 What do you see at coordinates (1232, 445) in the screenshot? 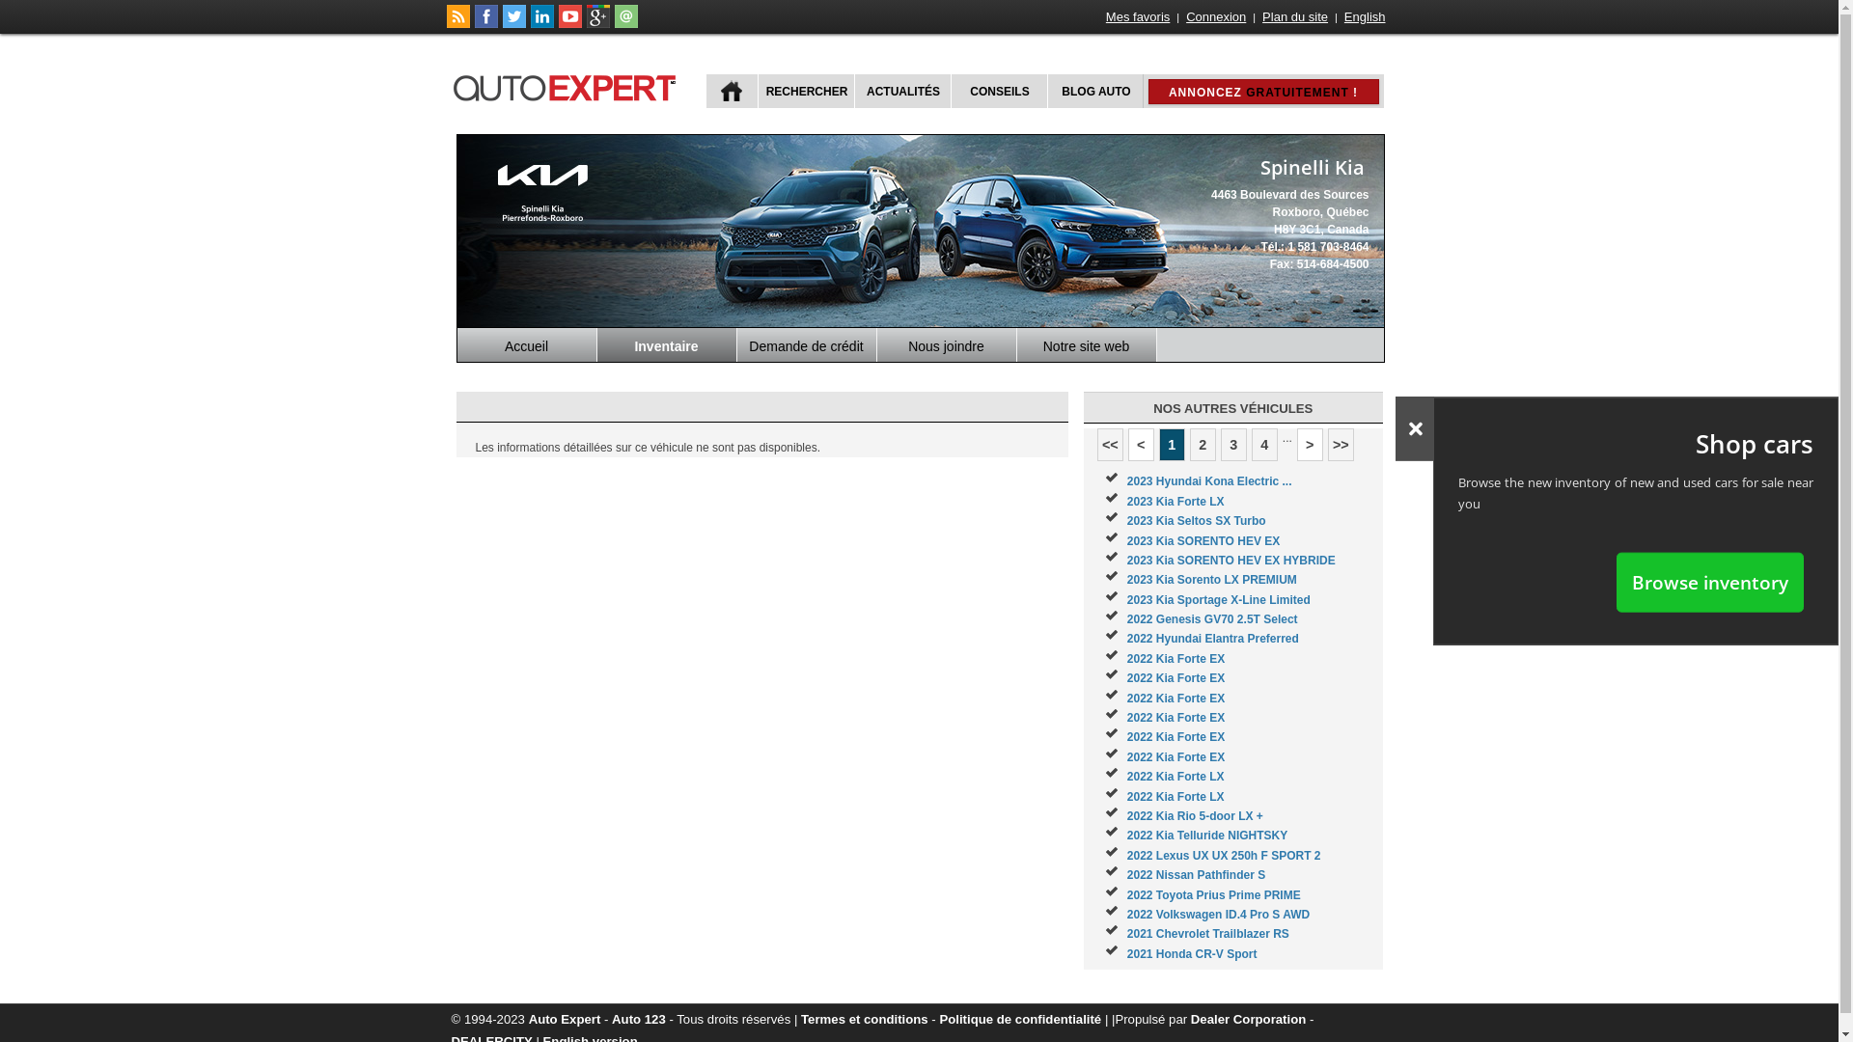
I see `'3'` at bounding box center [1232, 445].